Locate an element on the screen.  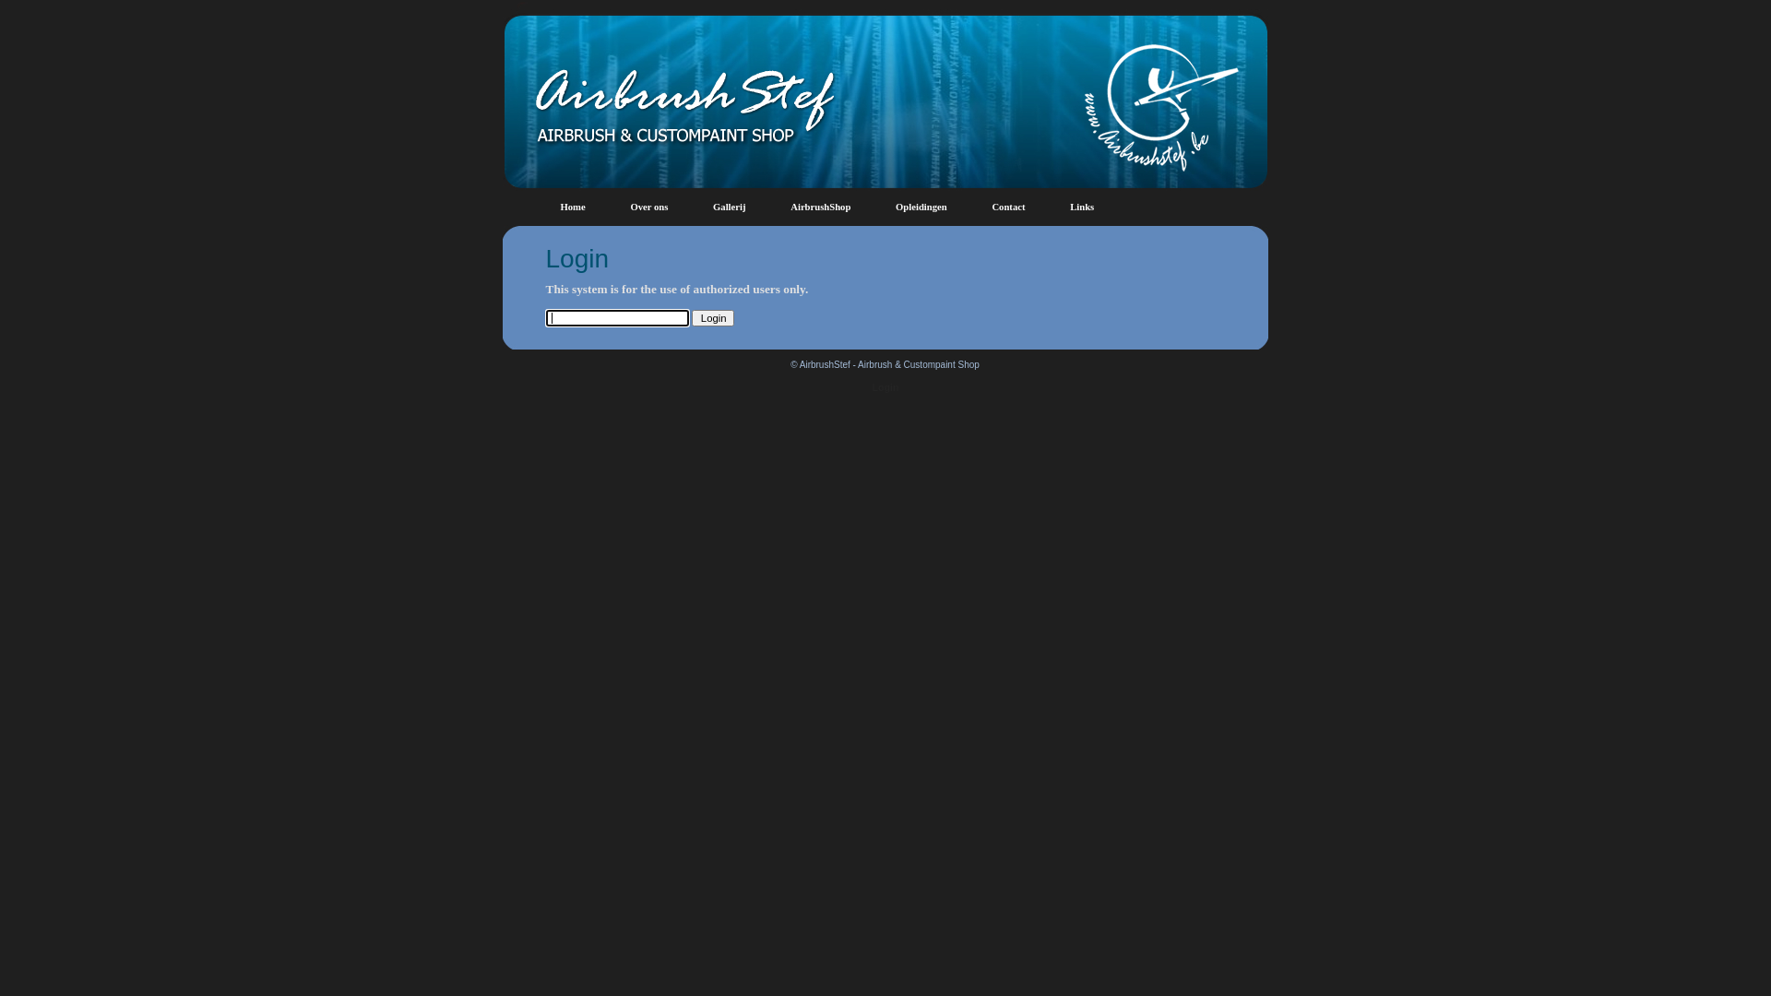
'Over ons' is located at coordinates (648, 207).